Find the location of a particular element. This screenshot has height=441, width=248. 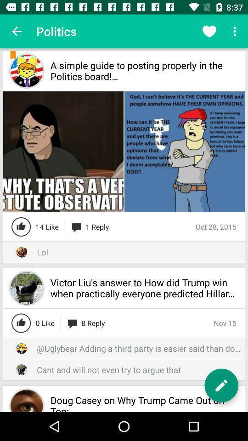

new is located at coordinates (221, 385).